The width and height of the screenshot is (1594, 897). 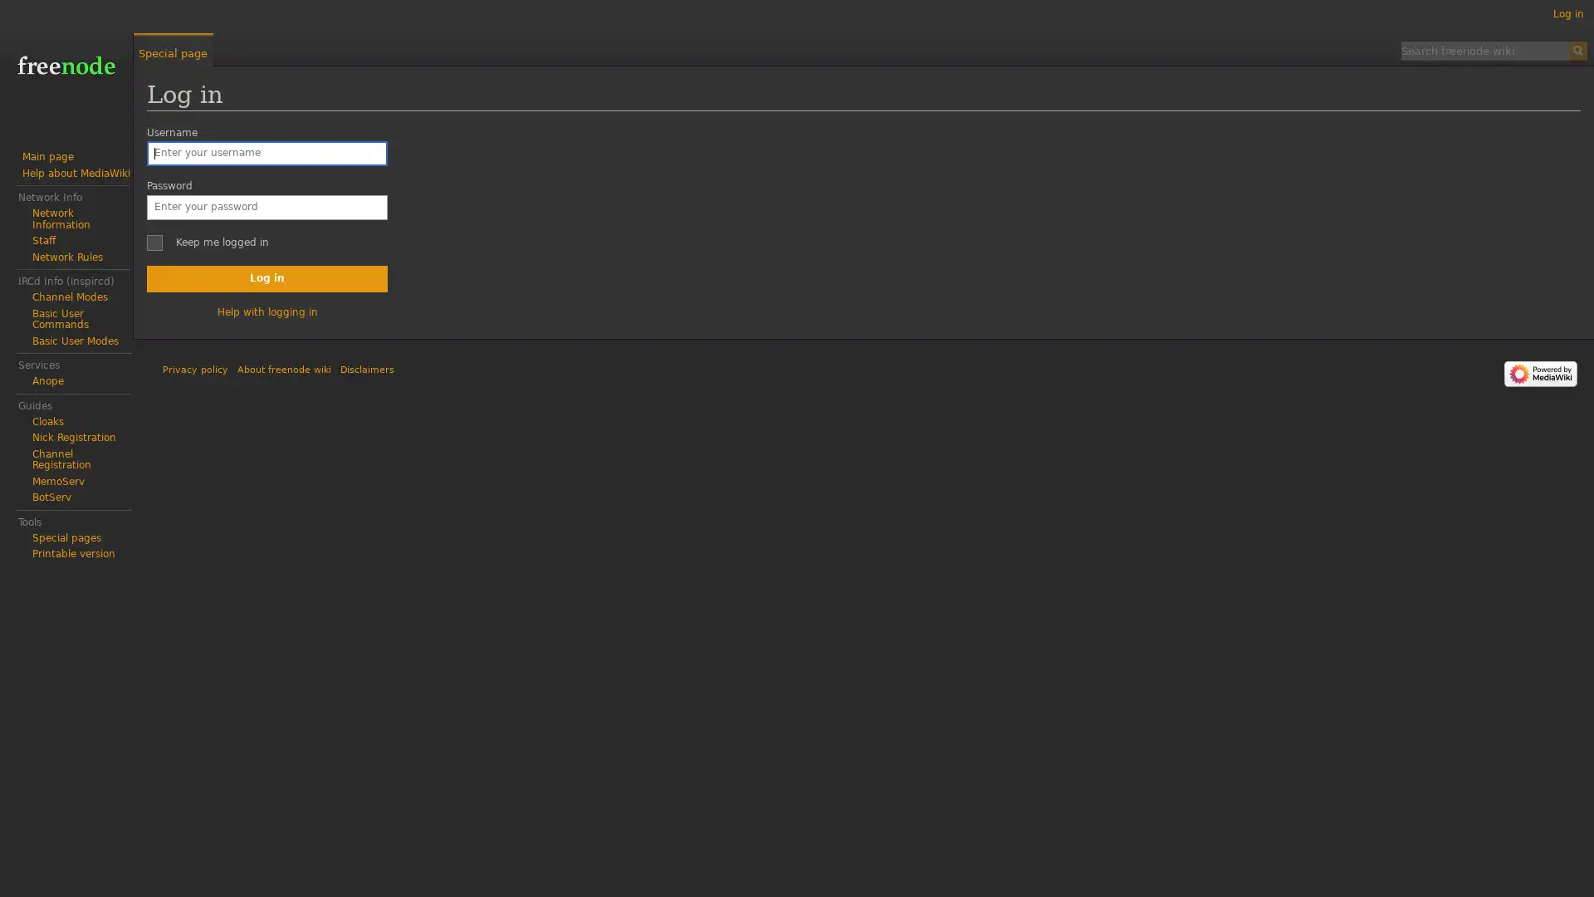 What do you see at coordinates (266, 277) in the screenshot?
I see `Log in` at bounding box center [266, 277].